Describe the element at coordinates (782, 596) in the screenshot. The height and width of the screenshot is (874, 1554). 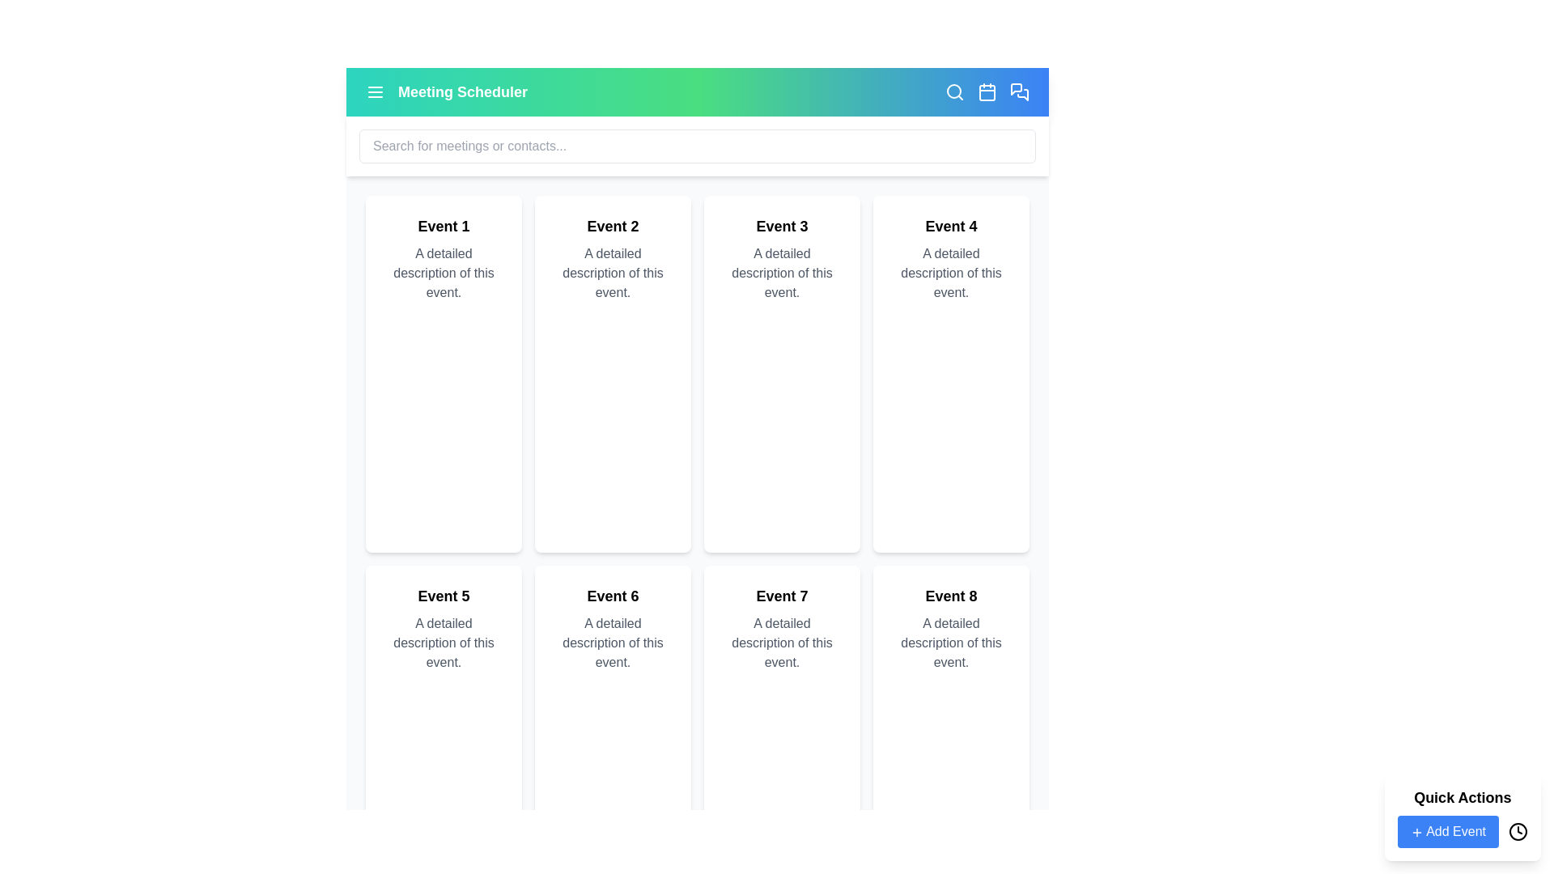
I see `the text label displaying 'Event 7', which is a bold text block positioned above its descriptive text` at that location.